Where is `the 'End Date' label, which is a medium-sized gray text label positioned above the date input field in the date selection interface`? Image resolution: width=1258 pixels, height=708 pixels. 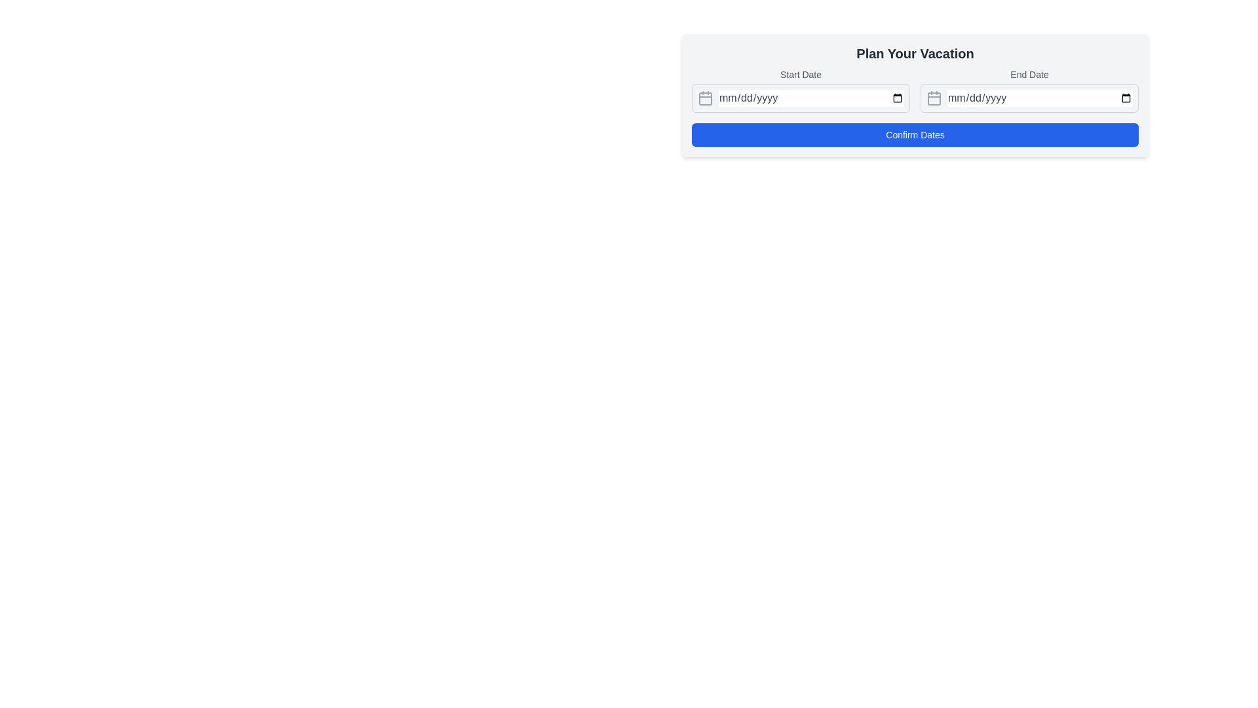 the 'End Date' label, which is a medium-sized gray text label positioned above the date input field in the date selection interface is located at coordinates (1029, 75).